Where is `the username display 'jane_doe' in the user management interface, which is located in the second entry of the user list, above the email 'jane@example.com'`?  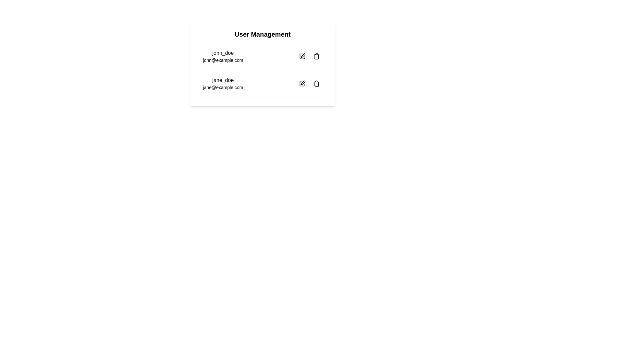 the username display 'jane_doe' in the user management interface, which is located in the second entry of the user list, above the email 'jane@example.com' is located at coordinates (223, 80).